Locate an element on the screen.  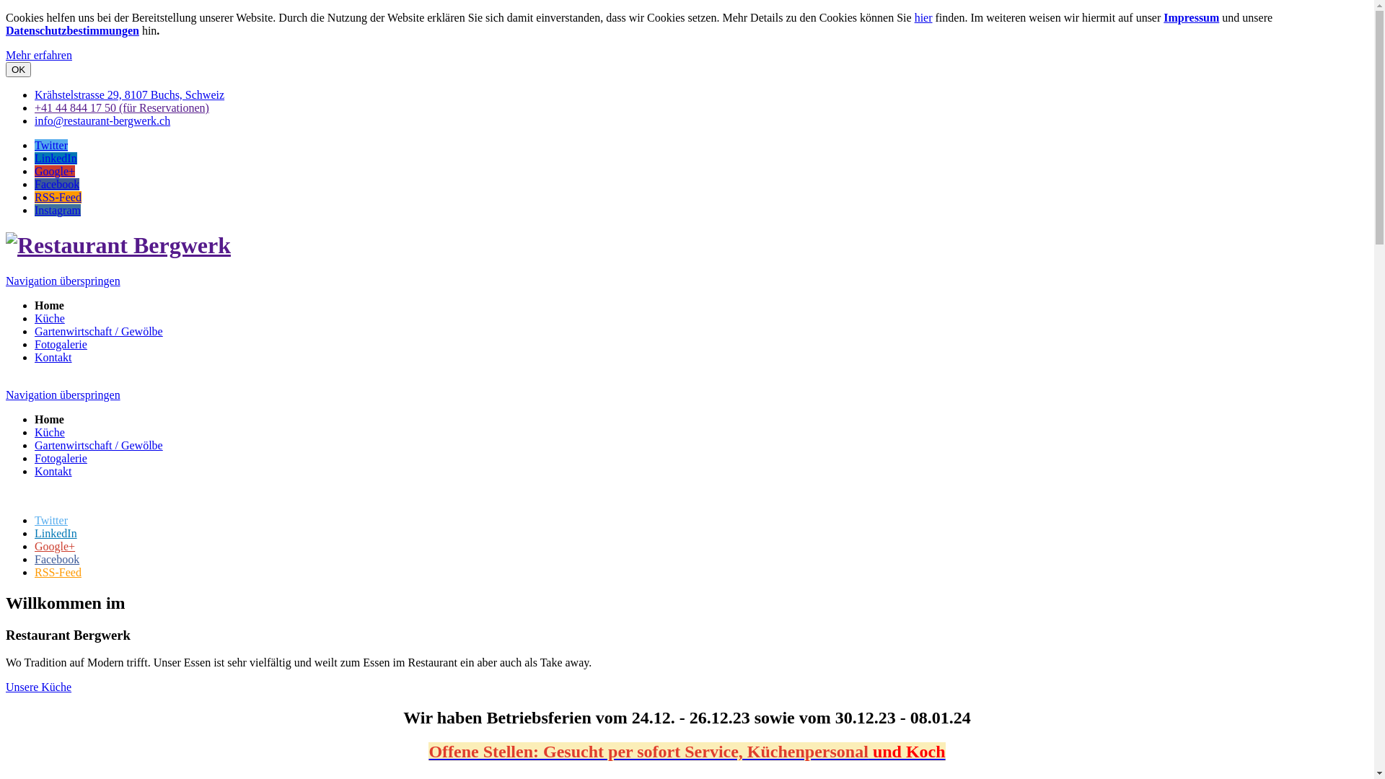
'Kontakt' is located at coordinates (53, 471).